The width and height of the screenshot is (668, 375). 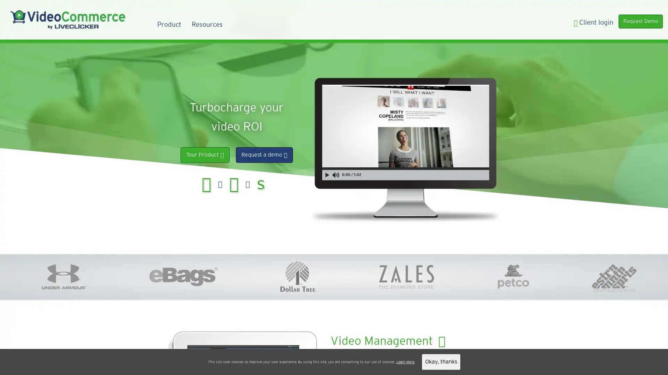 What do you see at coordinates (263, 154) in the screenshot?
I see `Request a demo` at bounding box center [263, 154].